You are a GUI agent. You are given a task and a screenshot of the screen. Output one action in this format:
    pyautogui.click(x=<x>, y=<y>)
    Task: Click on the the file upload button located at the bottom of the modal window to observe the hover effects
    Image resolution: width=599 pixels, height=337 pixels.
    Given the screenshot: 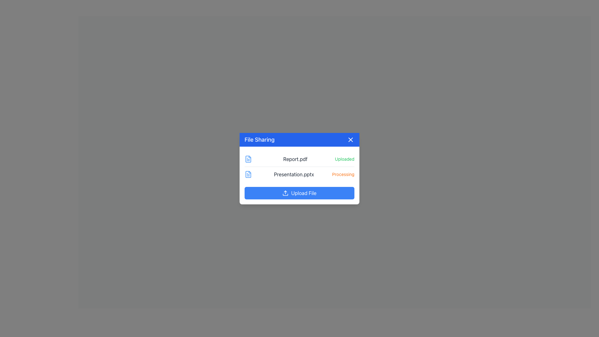 What is the action you would take?
    pyautogui.click(x=299, y=192)
    